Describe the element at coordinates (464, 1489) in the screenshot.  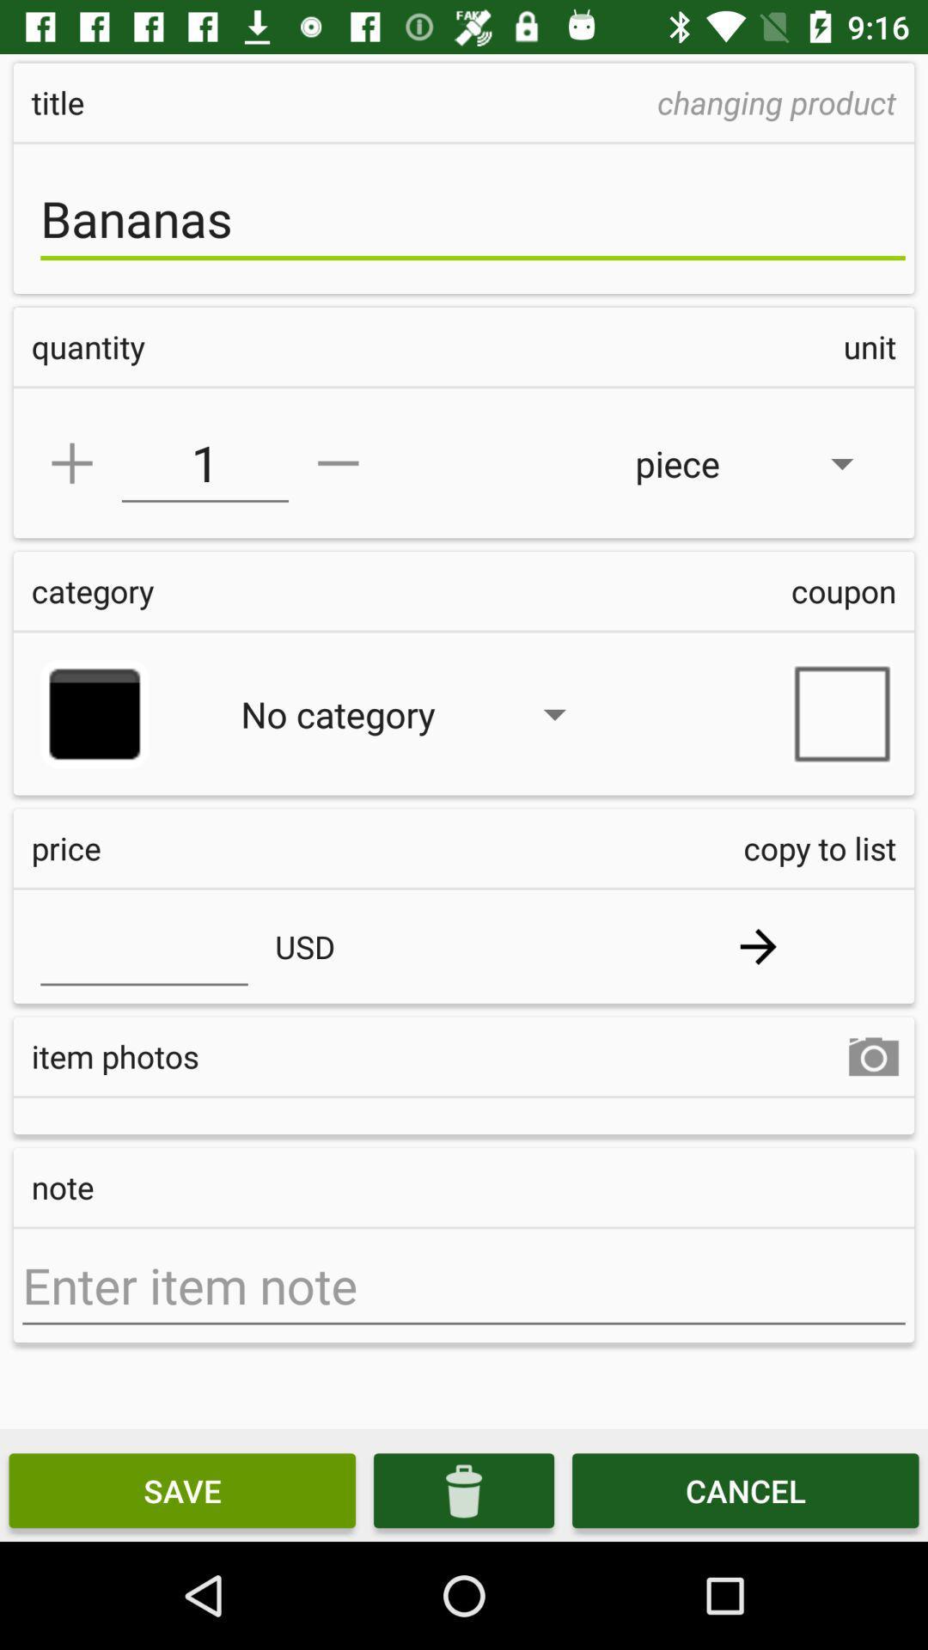
I see `the info icon` at that location.